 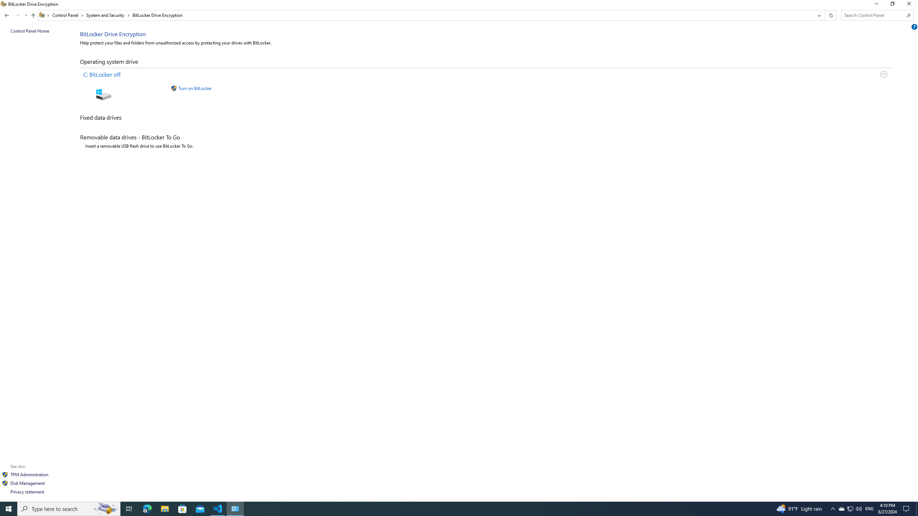 What do you see at coordinates (833, 508) in the screenshot?
I see `'Notification Chevron'` at bounding box center [833, 508].